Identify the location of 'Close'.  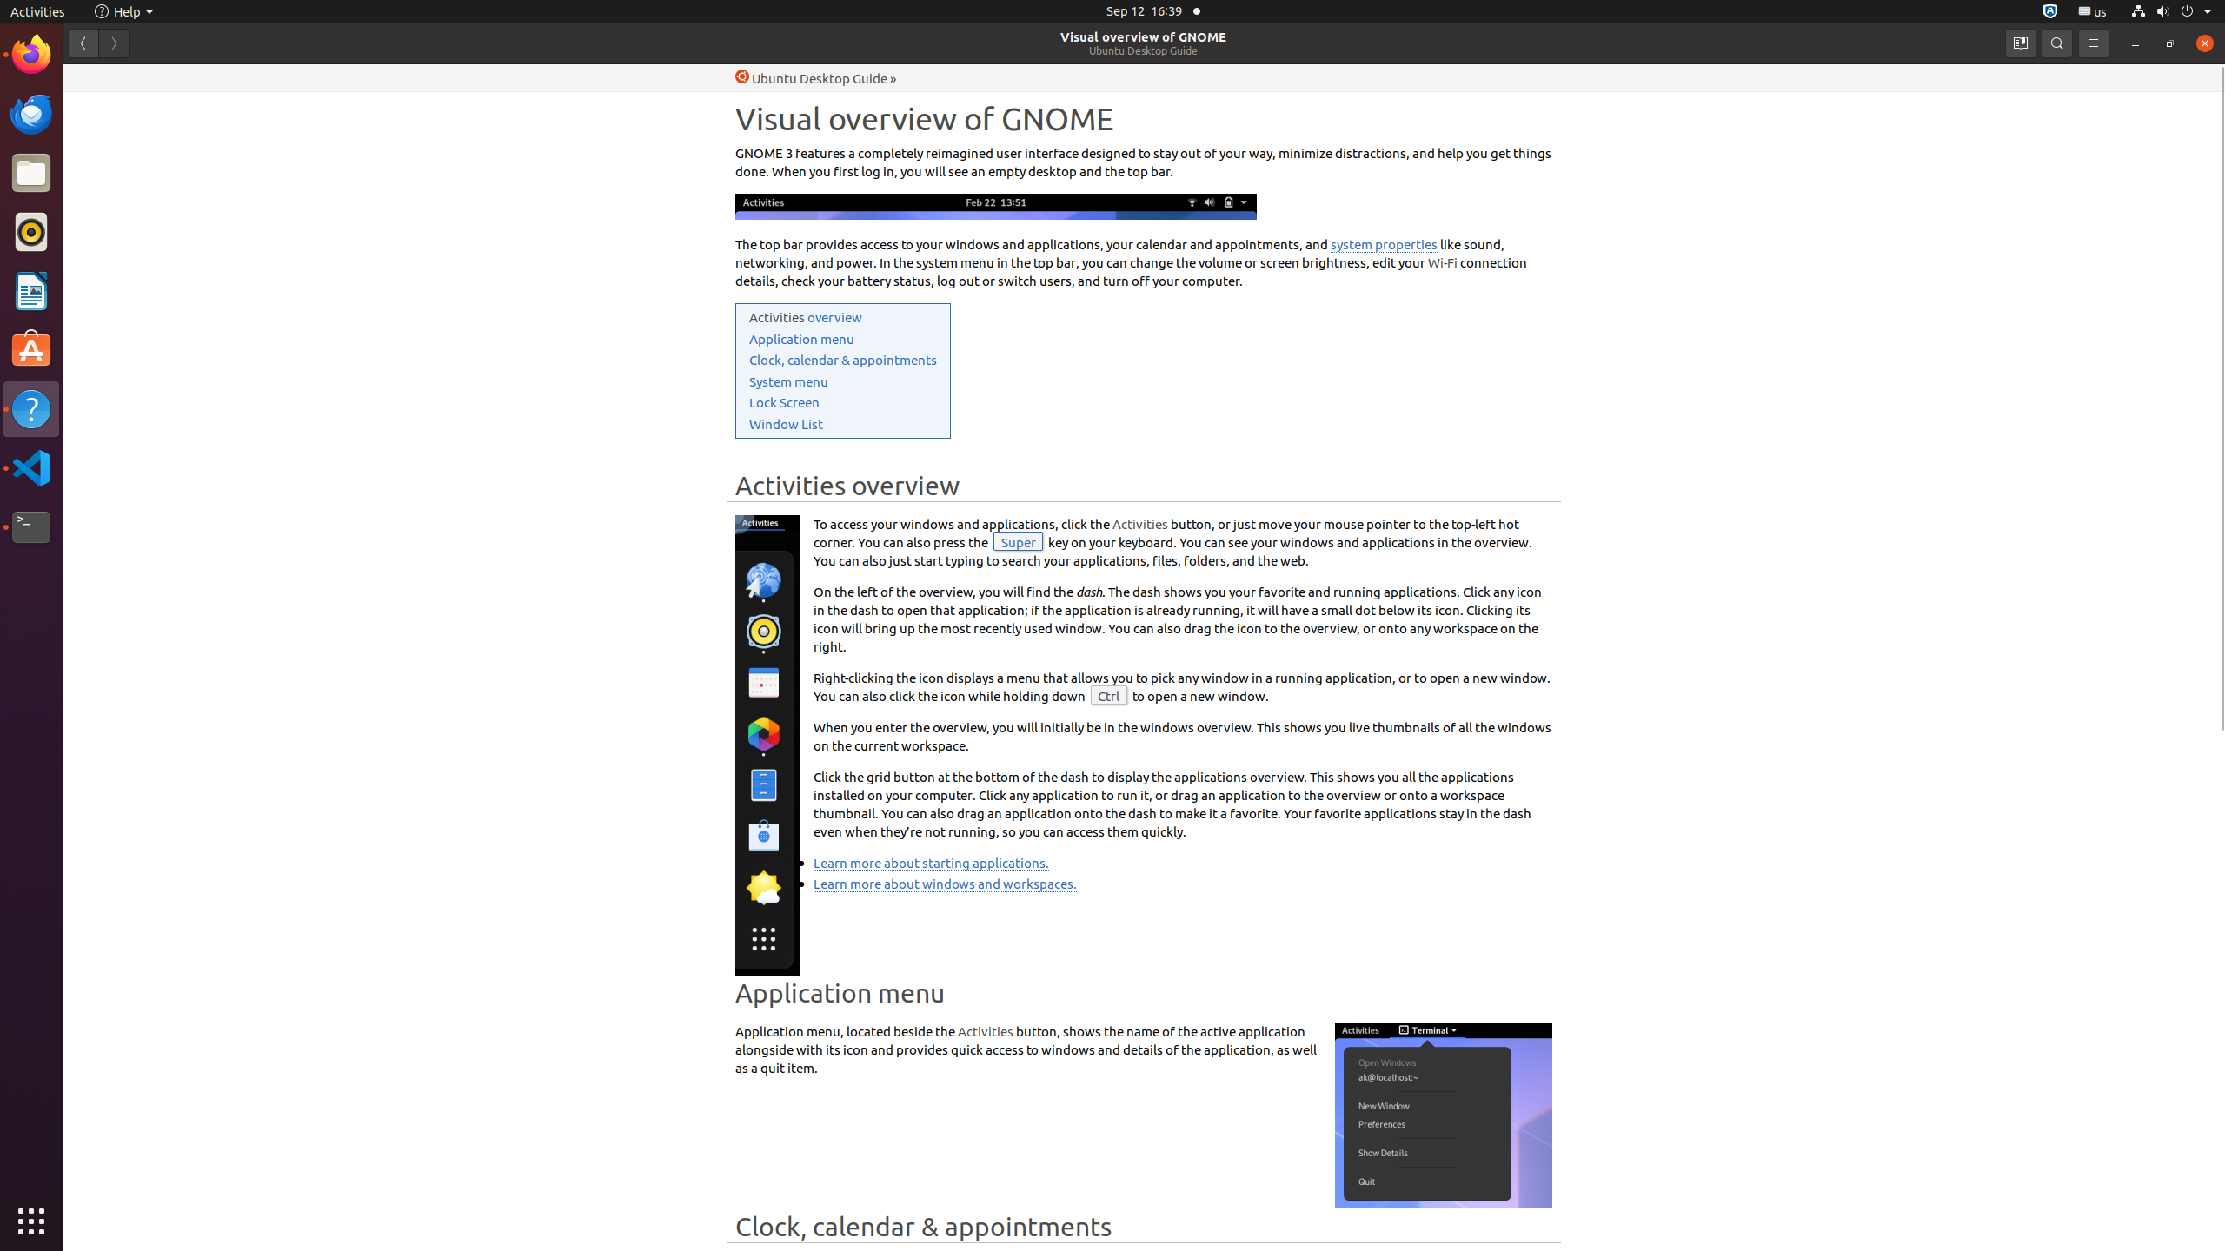
(2203, 43).